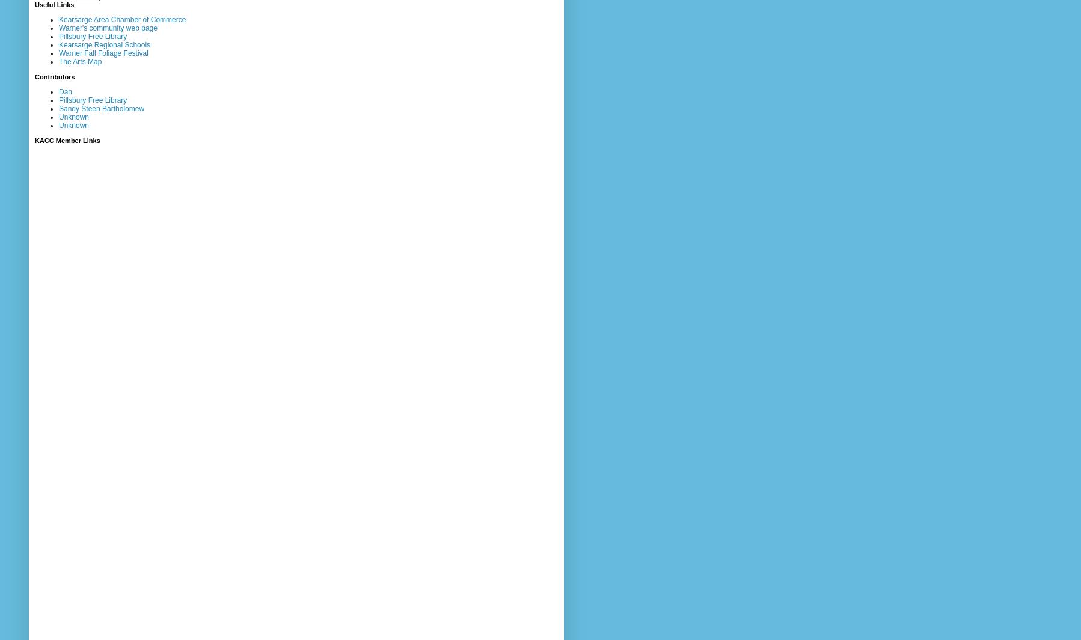 The image size is (1081, 640). I want to click on 'The Arts Map', so click(79, 61).